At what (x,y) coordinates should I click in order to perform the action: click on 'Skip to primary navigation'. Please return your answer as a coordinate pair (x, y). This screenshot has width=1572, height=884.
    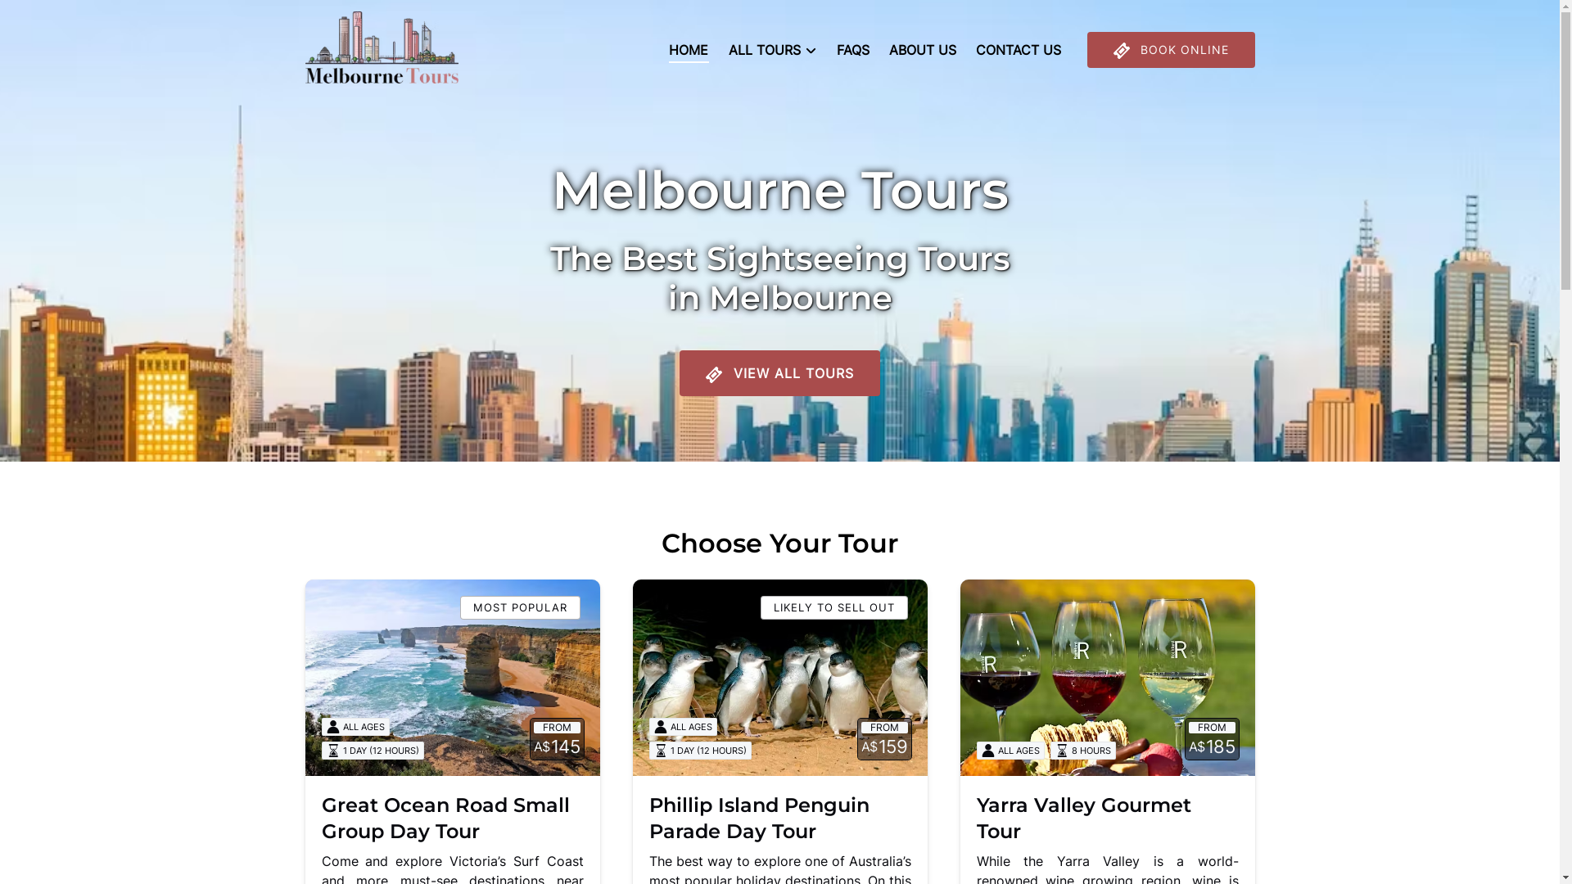
    Looking at the image, I should click on (89, 18).